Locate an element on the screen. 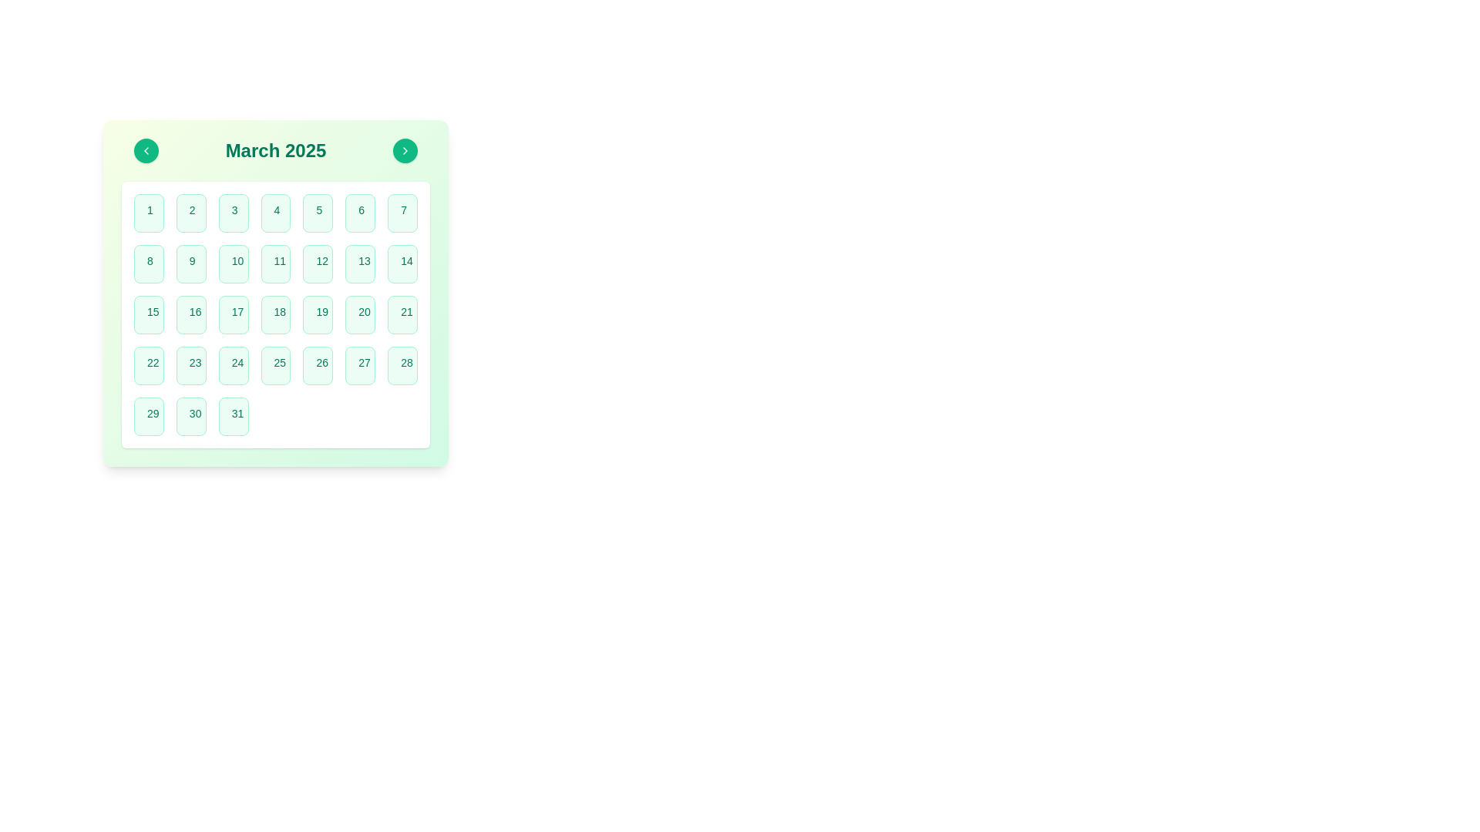 This screenshot has width=1480, height=832. the first day button of the month is located at coordinates (149, 213).